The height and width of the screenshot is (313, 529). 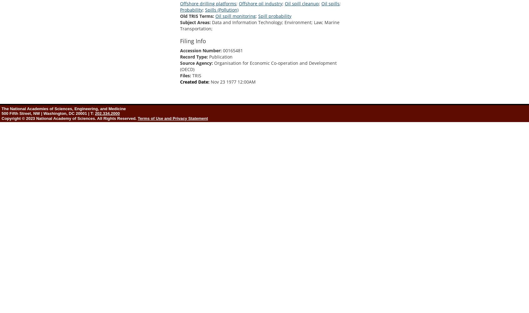 I want to click on 'Files:', so click(x=186, y=75).